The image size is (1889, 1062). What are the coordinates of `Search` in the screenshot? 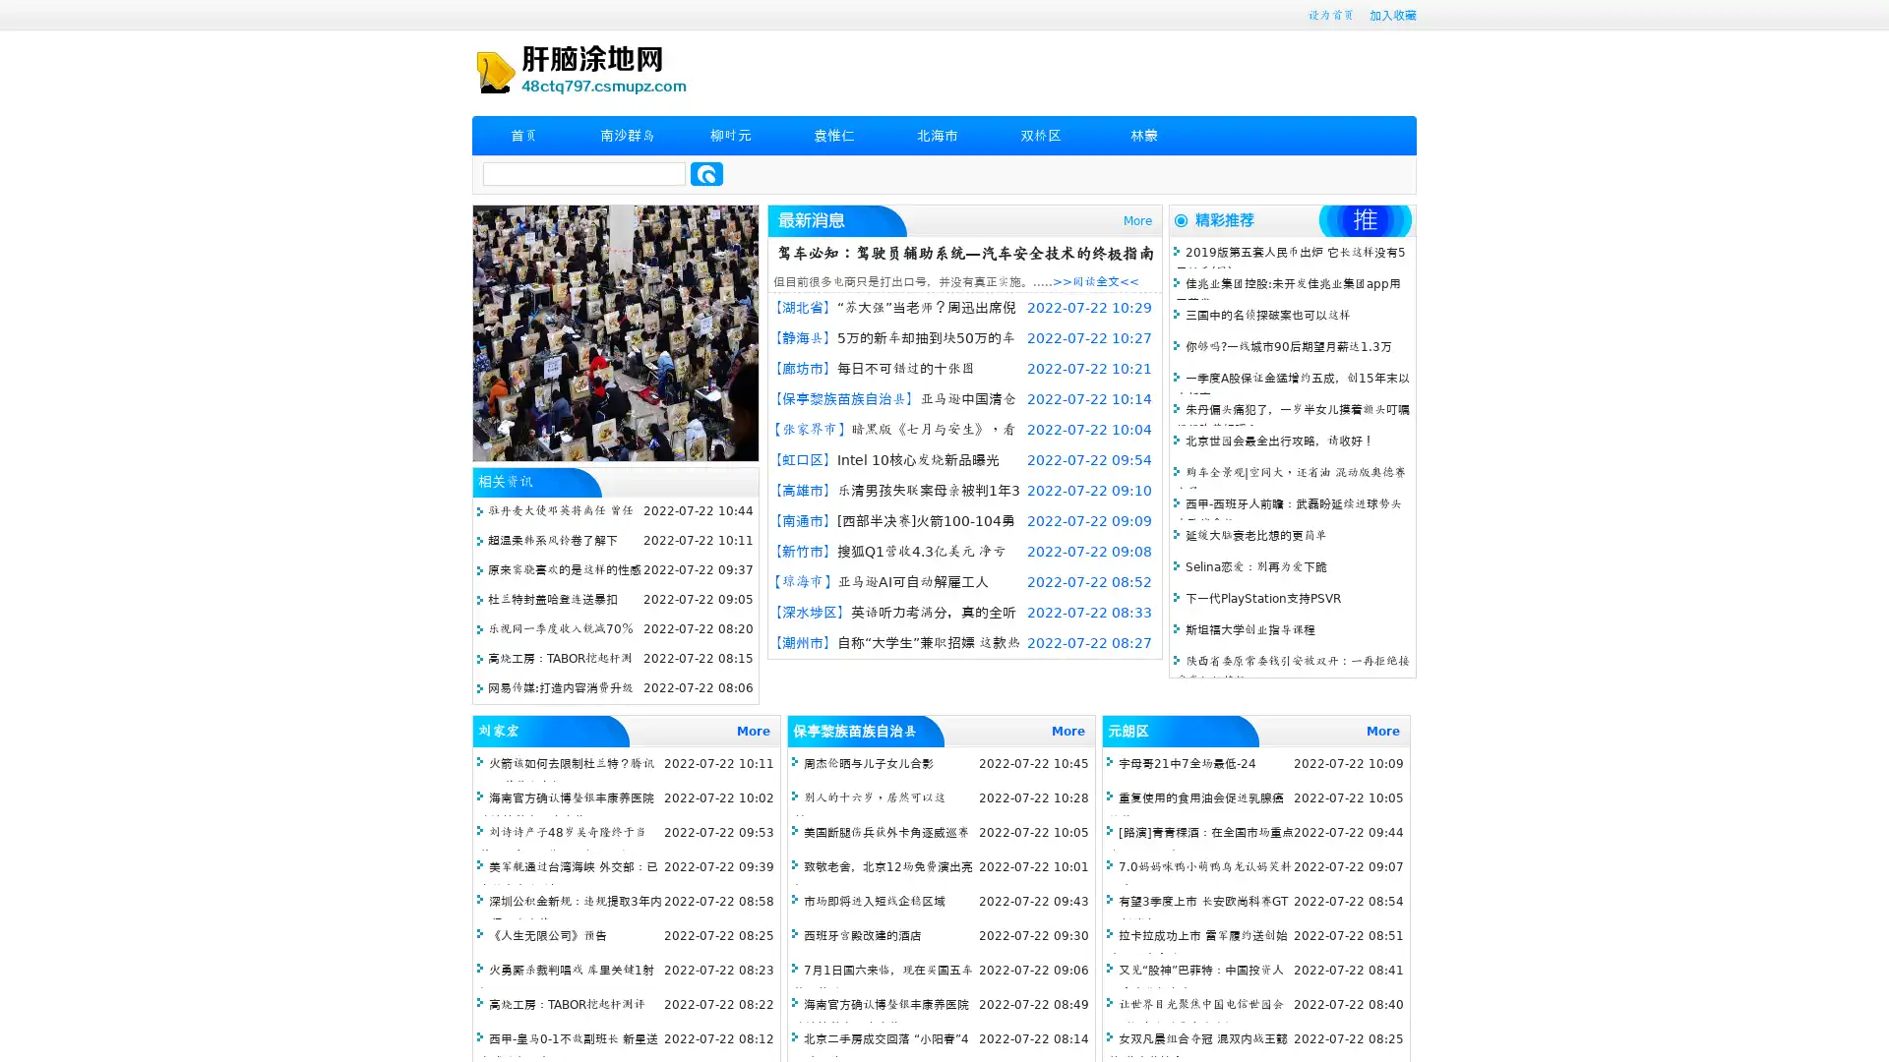 It's located at (706, 173).